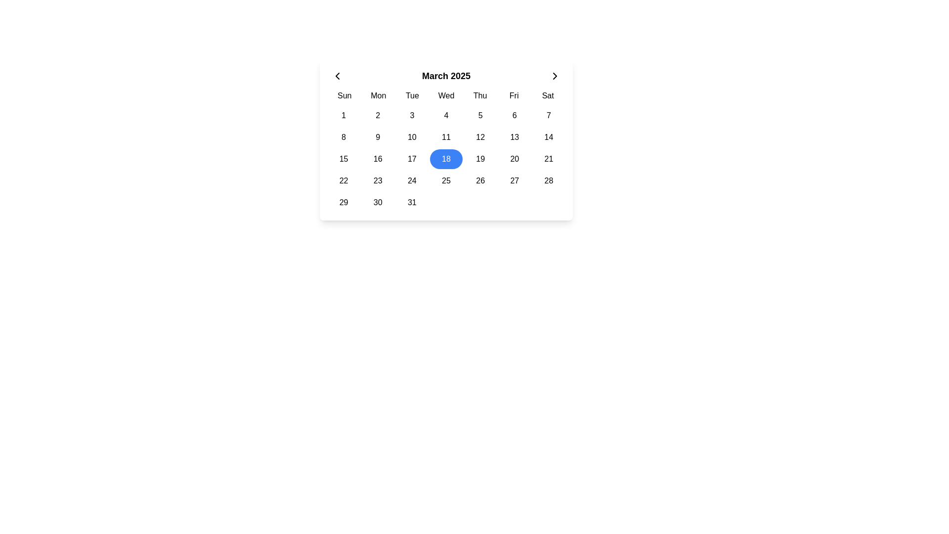 The image size is (949, 534). What do you see at coordinates (344, 137) in the screenshot?
I see `the circular button displaying the number '8' in bold text` at bounding box center [344, 137].